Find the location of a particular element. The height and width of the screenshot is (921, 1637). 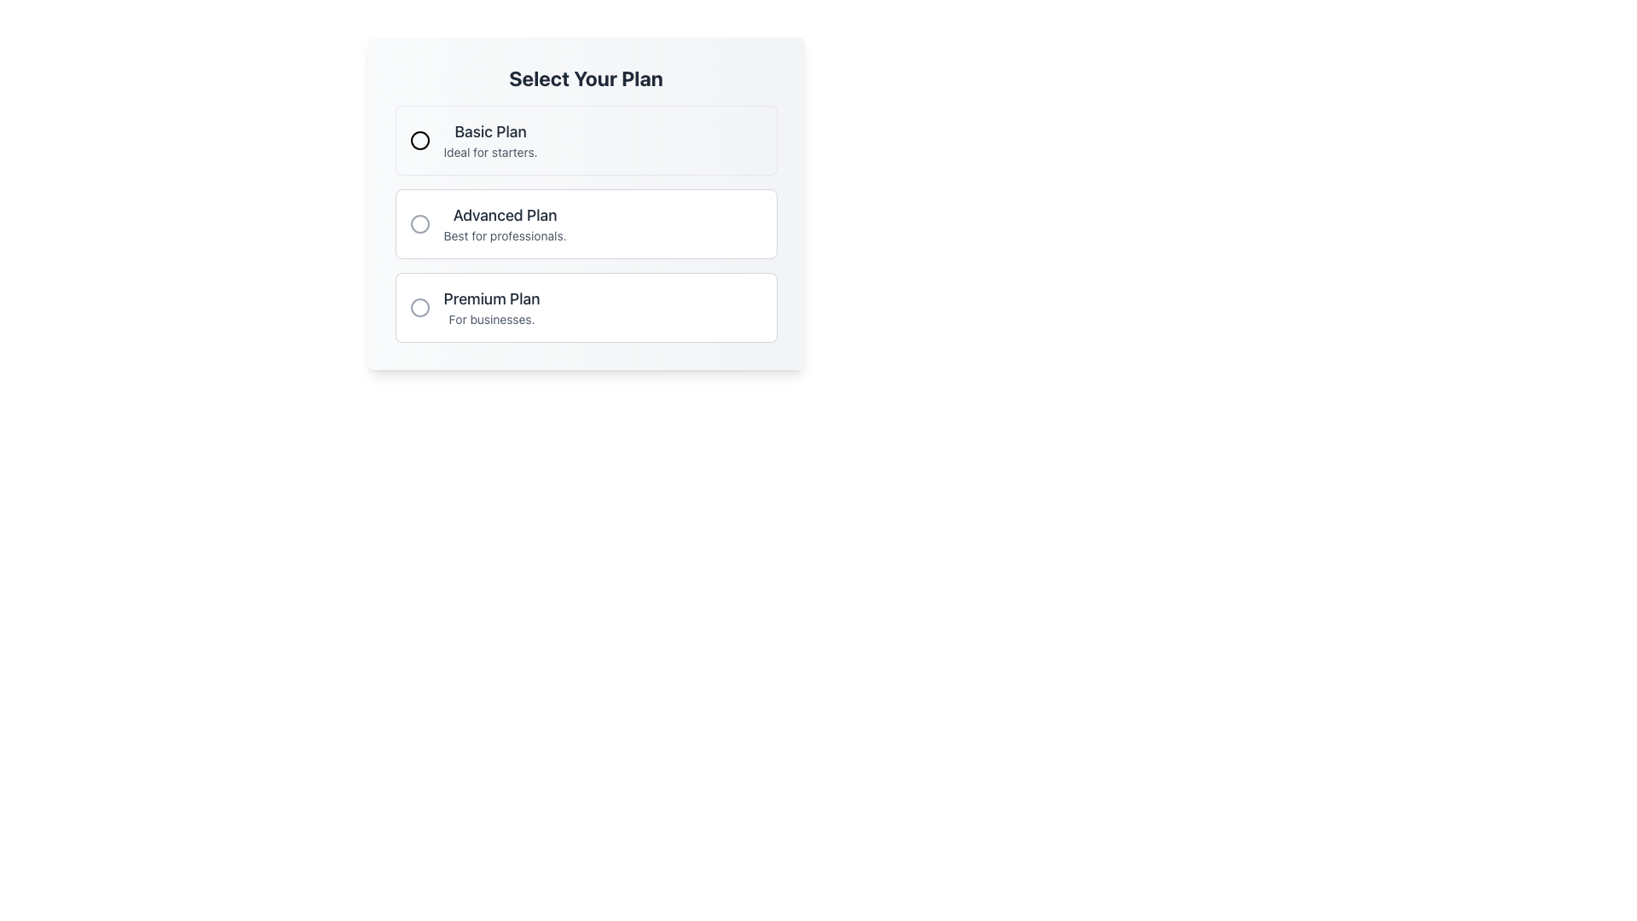

the Interactive Indicator located to the left of the 'Basic Plan' title is located at coordinates (419, 140).